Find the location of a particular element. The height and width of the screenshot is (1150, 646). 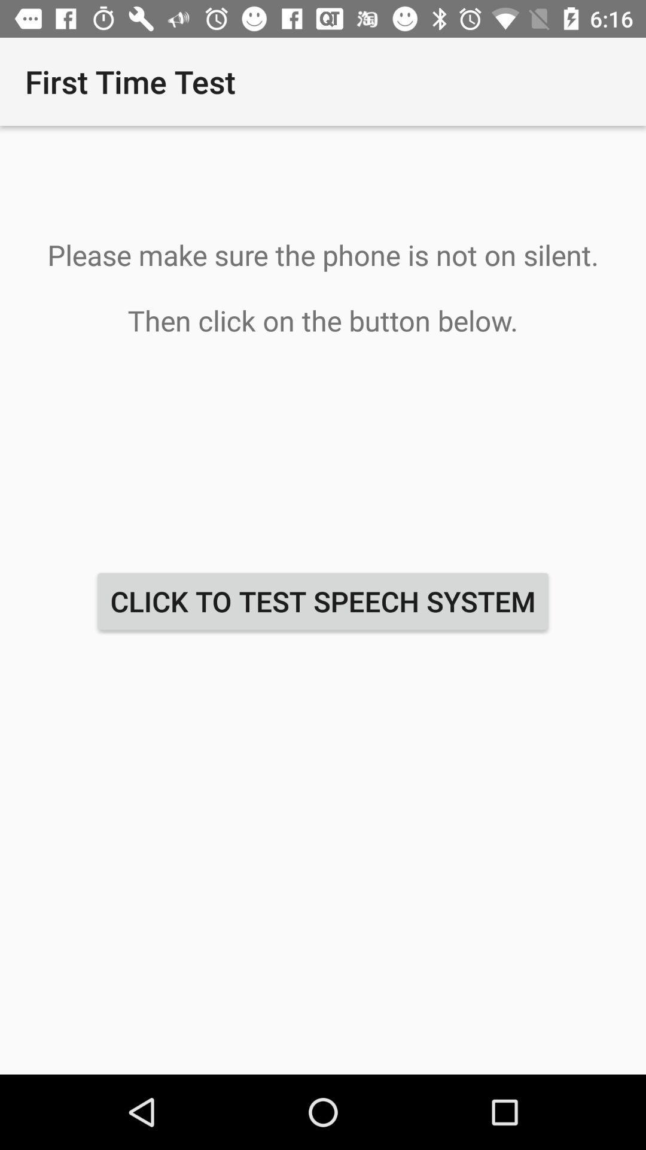

the item below the please make sure icon is located at coordinates (323, 601).